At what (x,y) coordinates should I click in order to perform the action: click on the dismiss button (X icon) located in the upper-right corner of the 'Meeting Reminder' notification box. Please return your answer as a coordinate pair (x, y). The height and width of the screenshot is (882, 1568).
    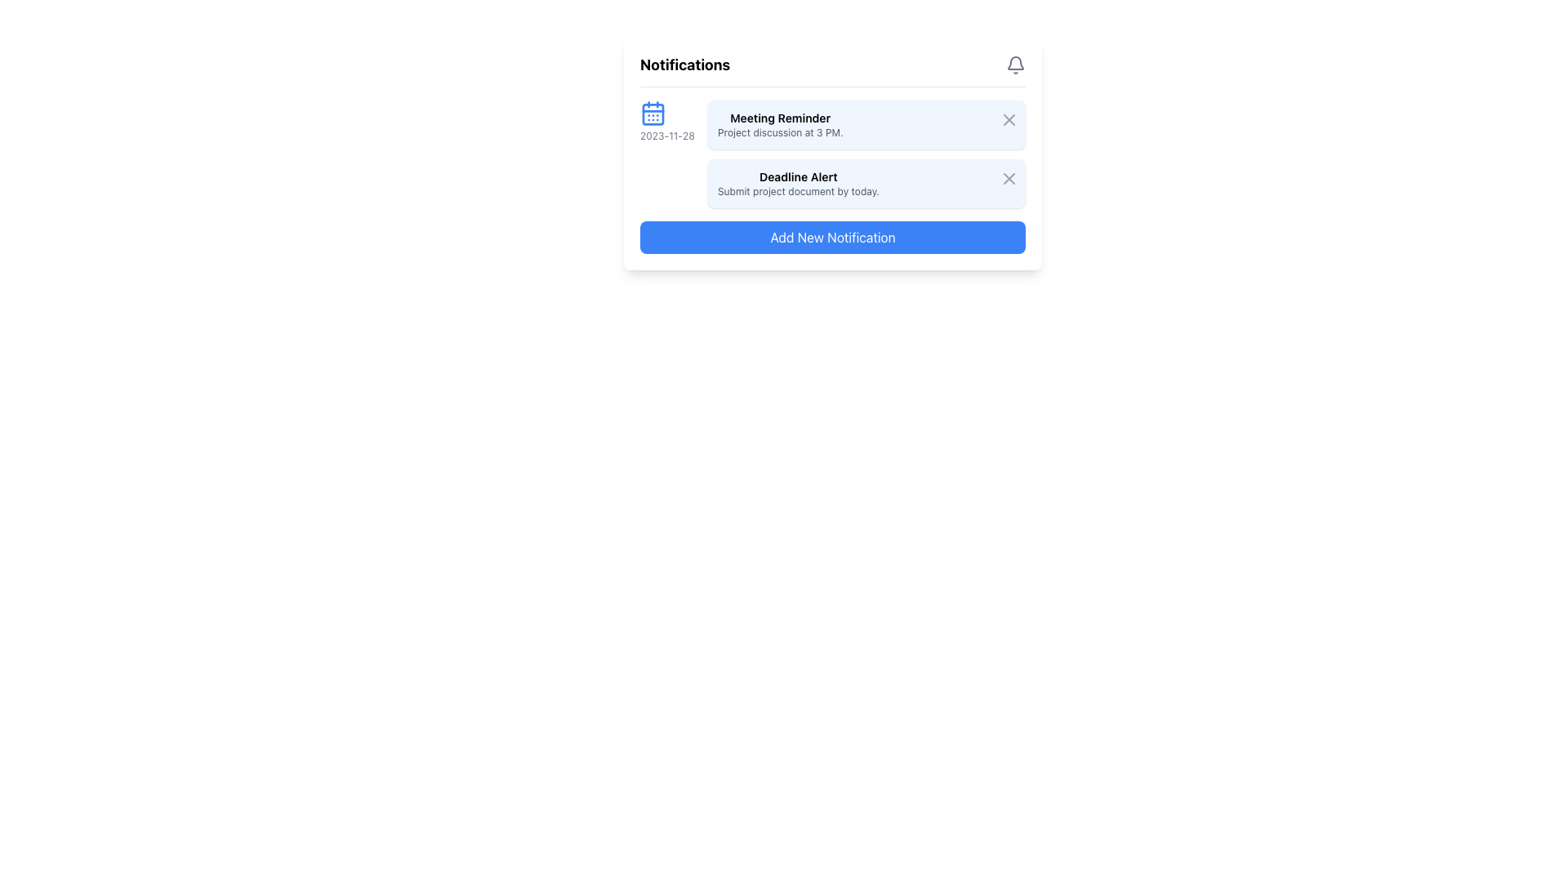
    Looking at the image, I should click on (1006, 118).